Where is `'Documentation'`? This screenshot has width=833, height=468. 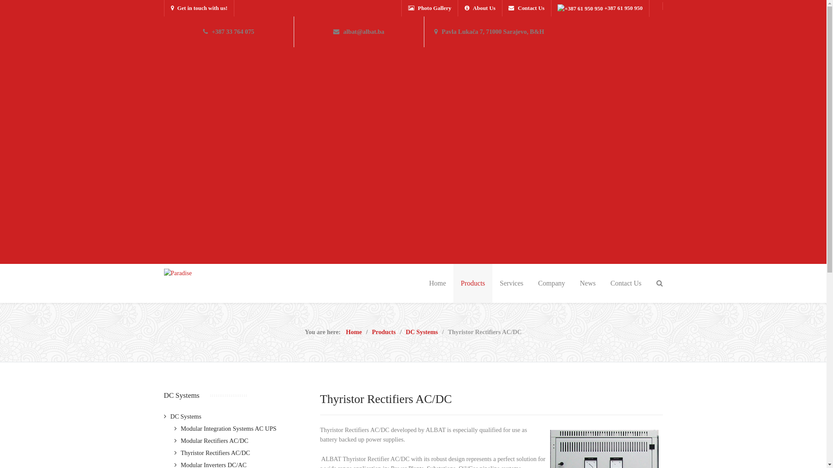
'Documentation' is located at coordinates (447, 331).